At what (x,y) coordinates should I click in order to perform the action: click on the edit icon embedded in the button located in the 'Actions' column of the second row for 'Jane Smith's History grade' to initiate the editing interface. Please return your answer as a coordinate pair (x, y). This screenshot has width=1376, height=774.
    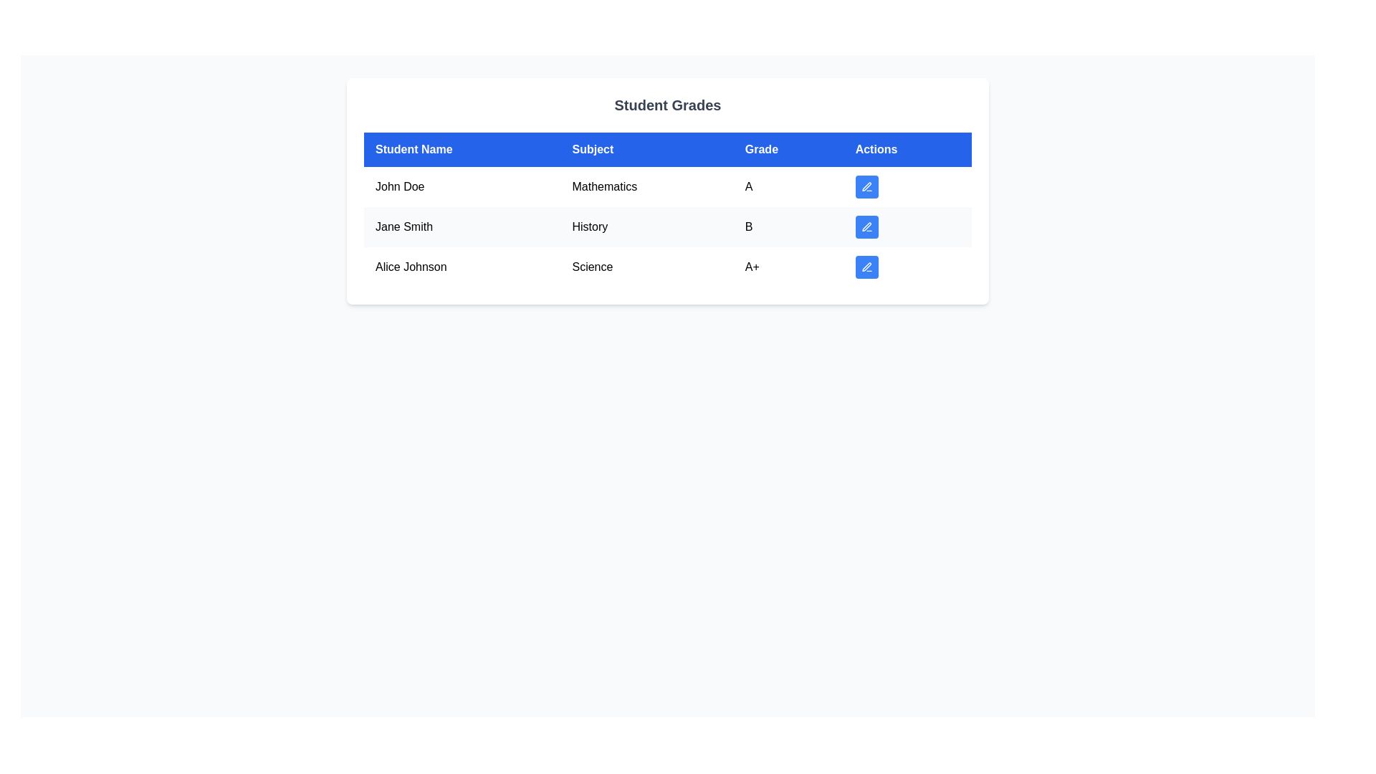
    Looking at the image, I should click on (866, 226).